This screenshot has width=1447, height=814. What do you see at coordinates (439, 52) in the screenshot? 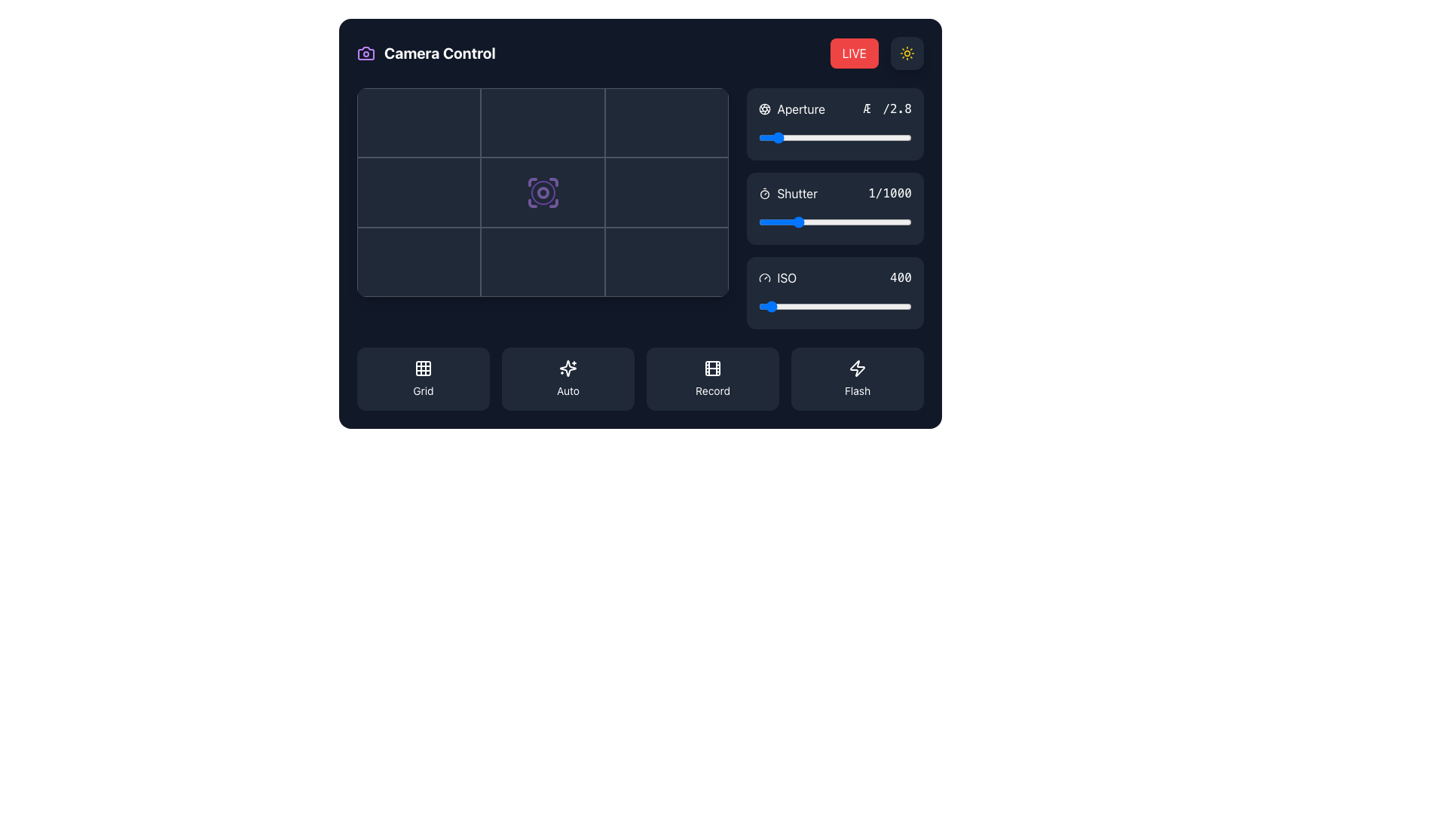
I see `title text located at the top-left section of the interface, adjacent to the 'Live' indicator and to the right of the camera icon` at bounding box center [439, 52].